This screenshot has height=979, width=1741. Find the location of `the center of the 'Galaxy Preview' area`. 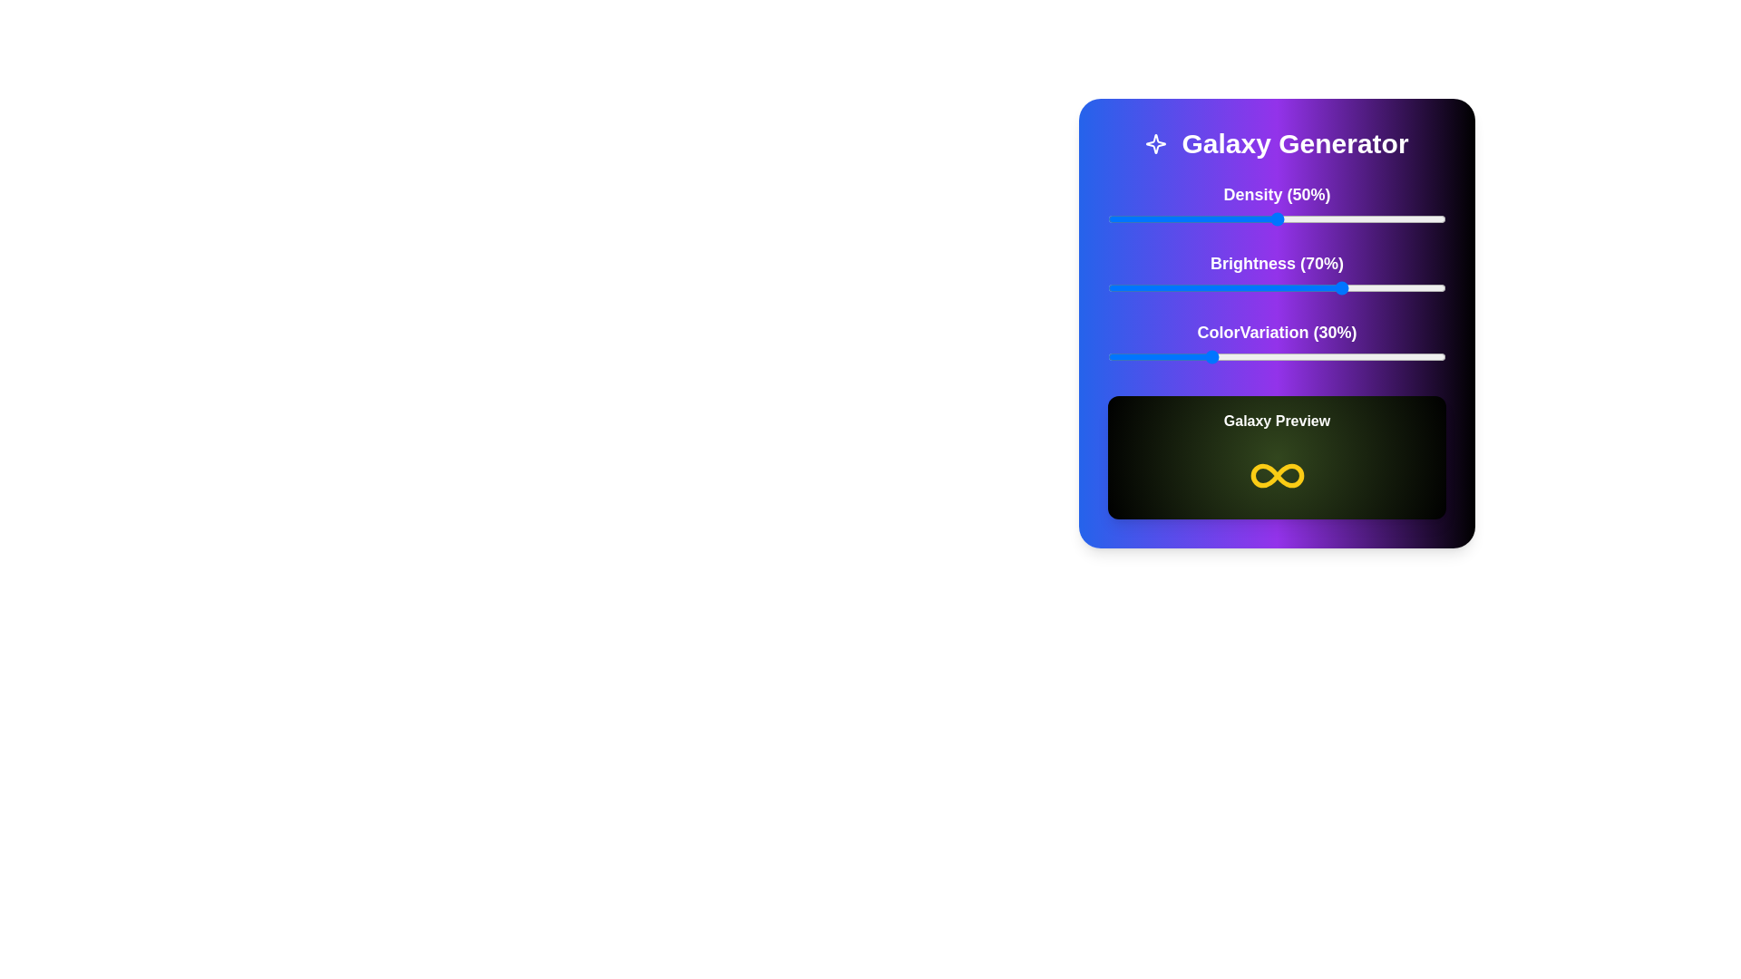

the center of the 'Galaxy Preview' area is located at coordinates (1276, 457).